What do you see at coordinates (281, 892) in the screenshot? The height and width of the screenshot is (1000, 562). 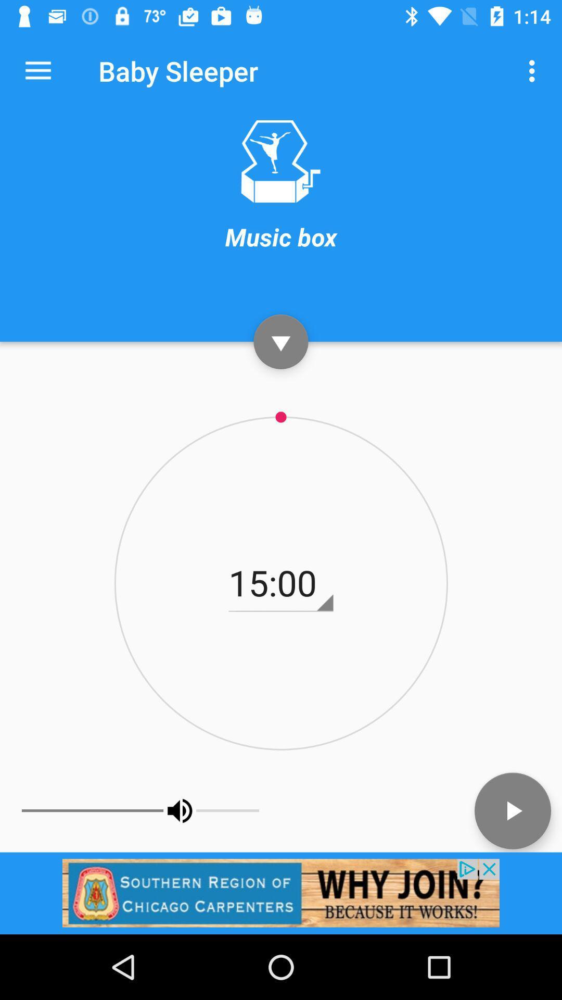 I see `advertisement` at bounding box center [281, 892].